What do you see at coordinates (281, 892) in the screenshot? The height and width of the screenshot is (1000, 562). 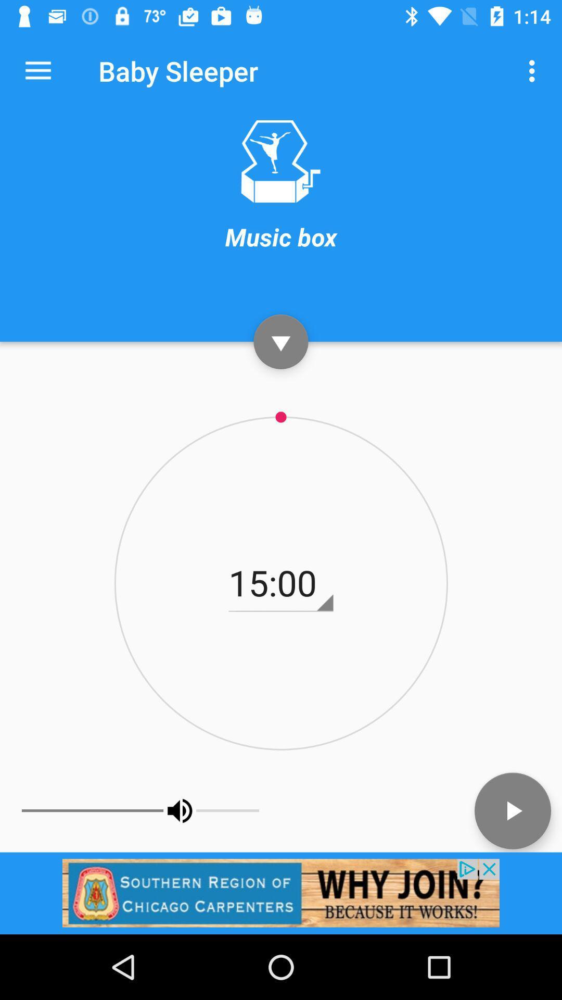 I see `advertisement` at bounding box center [281, 892].